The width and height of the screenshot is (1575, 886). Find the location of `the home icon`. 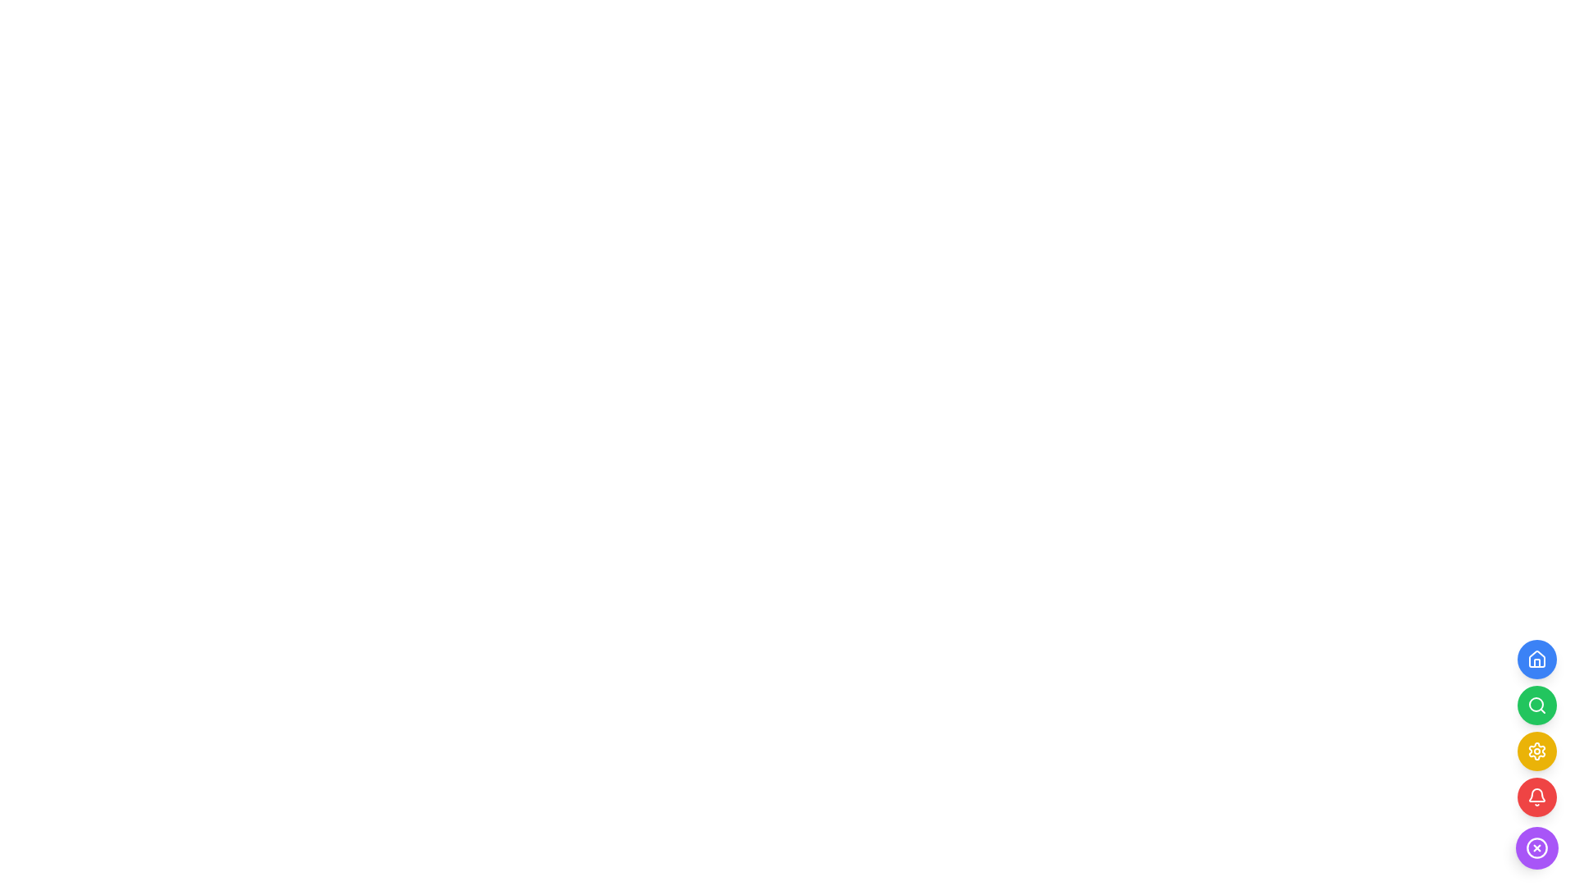

the home icon is located at coordinates (1536, 657).